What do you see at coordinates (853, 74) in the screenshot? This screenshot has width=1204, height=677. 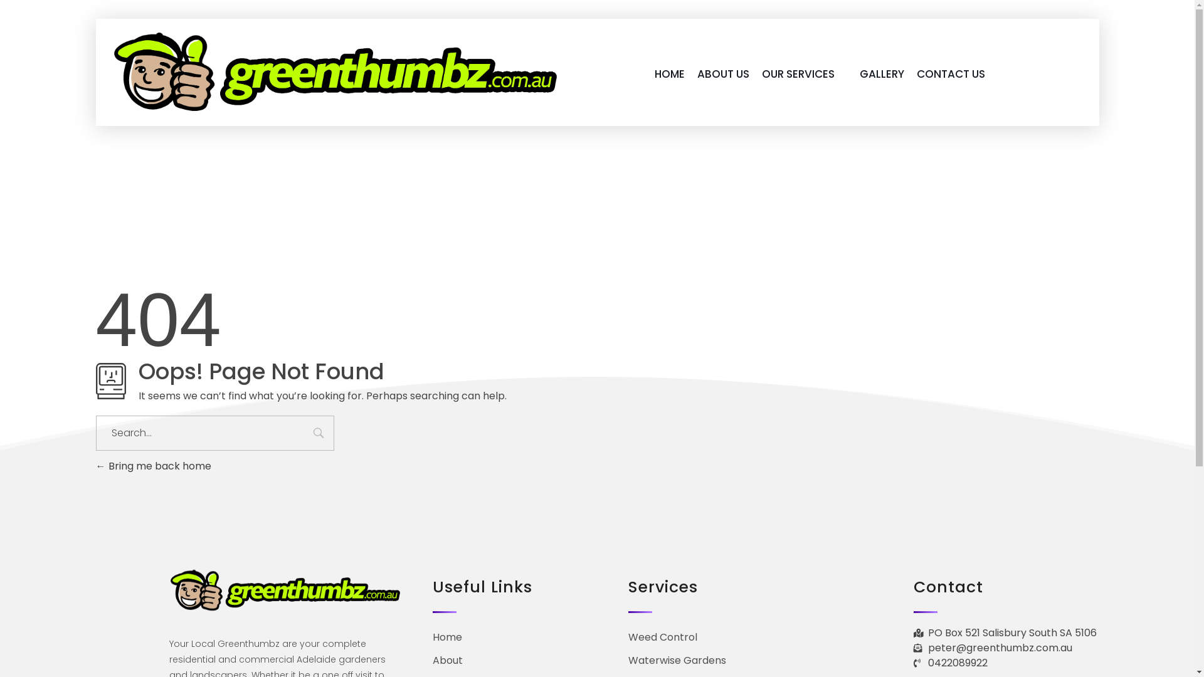 I see `'GALLERY'` at bounding box center [853, 74].